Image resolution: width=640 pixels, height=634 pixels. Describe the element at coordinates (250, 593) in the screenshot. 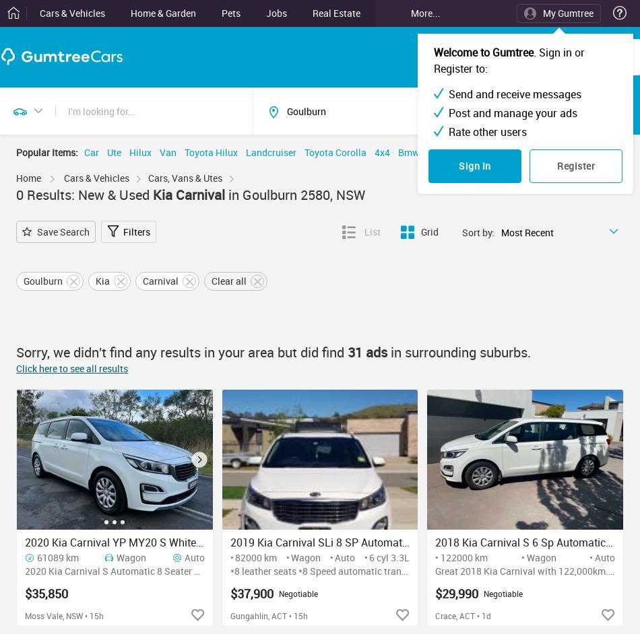

I see `'$37,900'` at that location.